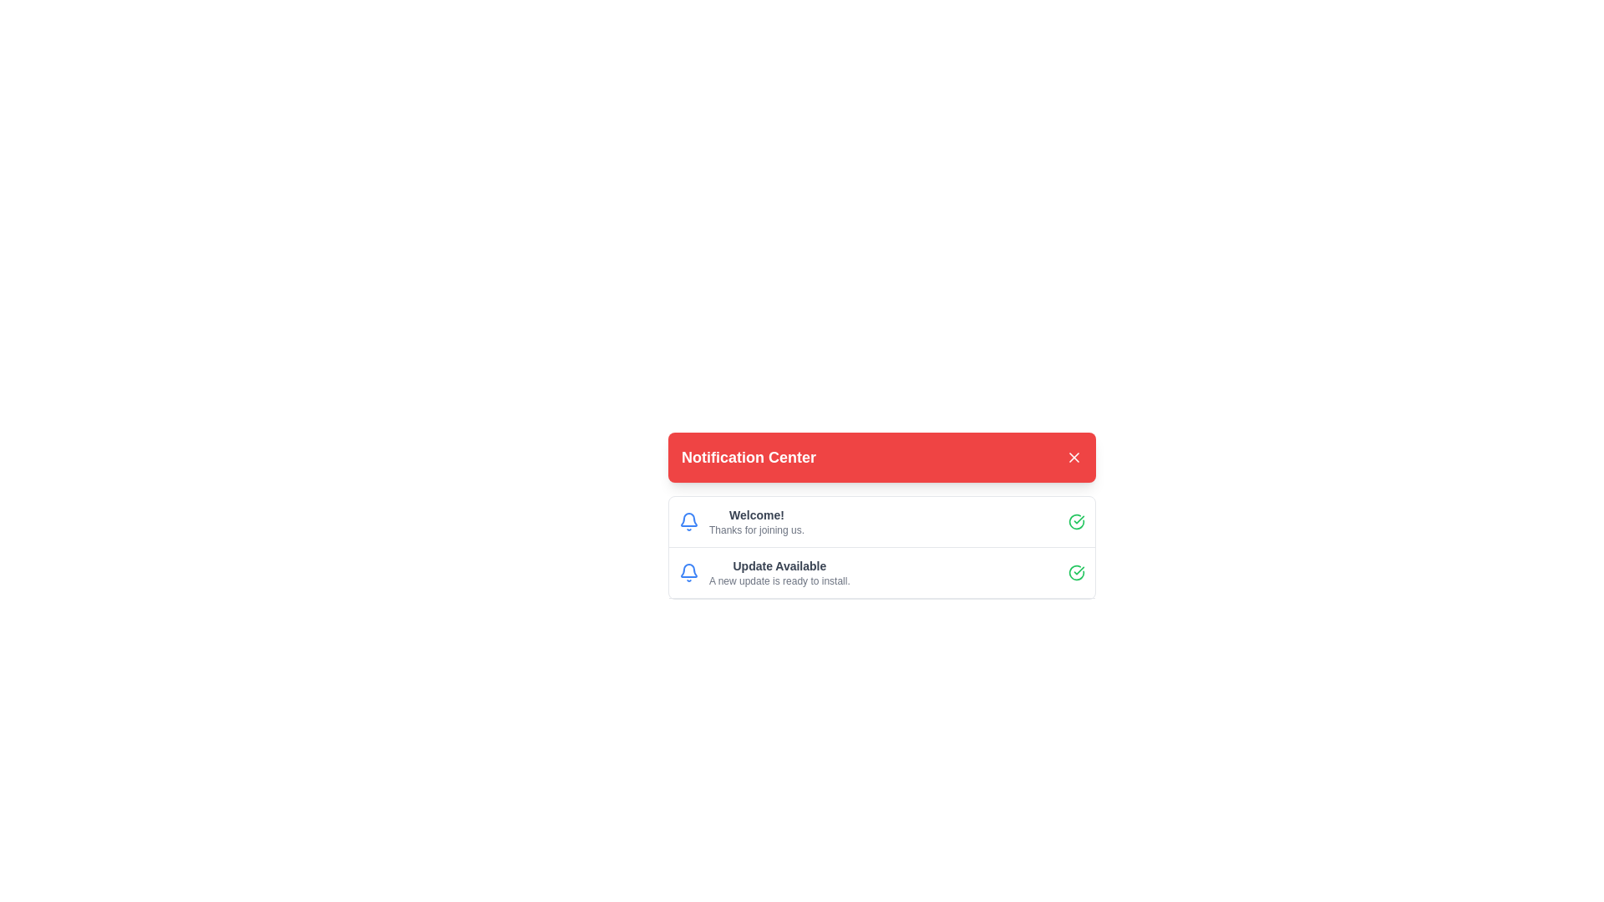 The image size is (1604, 902). Describe the element at coordinates (756, 514) in the screenshot. I see `static text element displaying 'Welcome!' in bold, small font located at the top of the notification entry in the Notification Center` at that location.